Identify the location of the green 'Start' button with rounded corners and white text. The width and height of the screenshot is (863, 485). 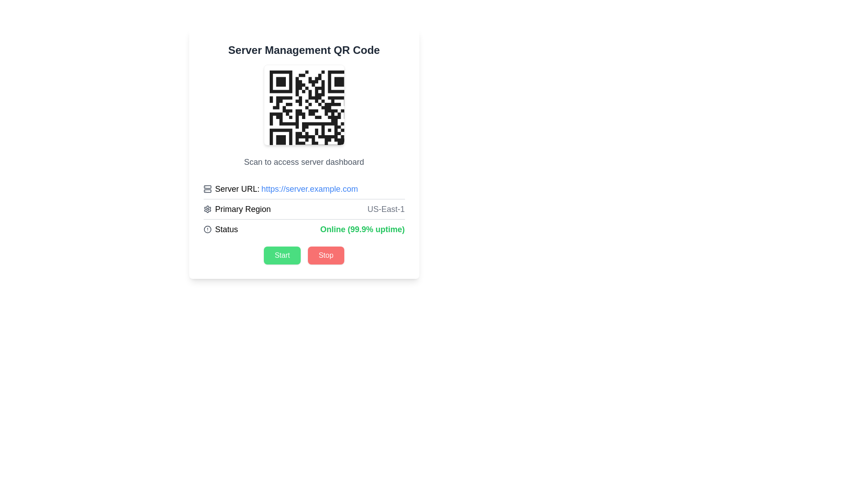
(282, 256).